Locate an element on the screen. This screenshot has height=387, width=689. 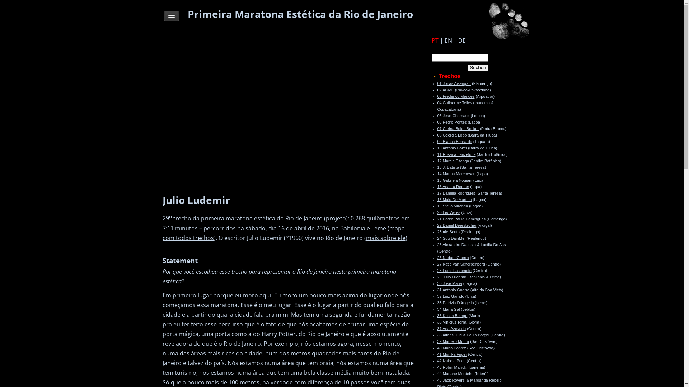
'39 Marcelo Moura' is located at coordinates (453, 341).